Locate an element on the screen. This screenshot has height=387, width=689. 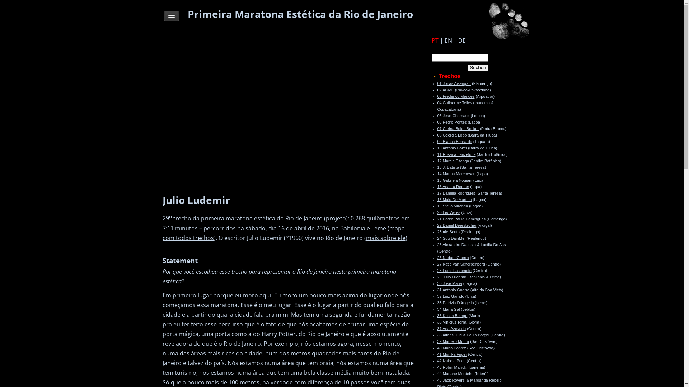
'39 Marcelo Moura' is located at coordinates (453, 341).